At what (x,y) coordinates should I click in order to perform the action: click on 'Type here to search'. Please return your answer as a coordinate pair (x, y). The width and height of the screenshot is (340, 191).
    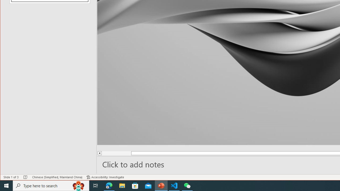
    Looking at the image, I should click on (51, 185).